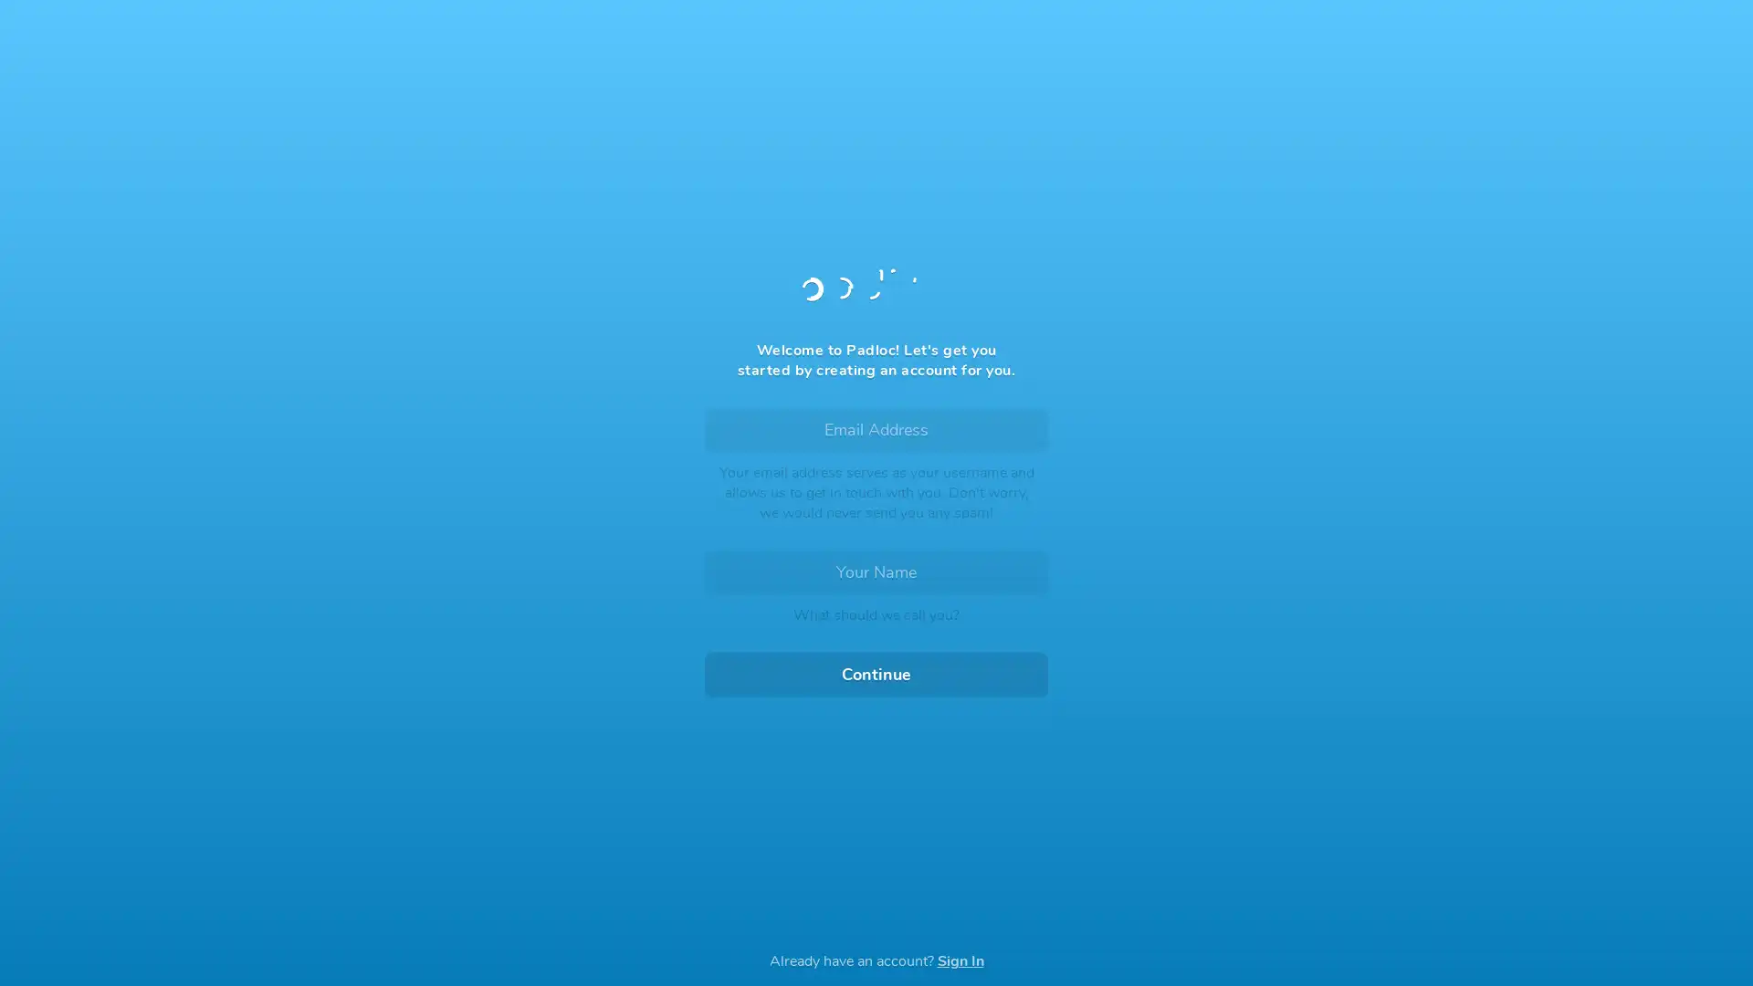  What do you see at coordinates (771, 133) in the screenshot?
I see `Back To Login` at bounding box center [771, 133].